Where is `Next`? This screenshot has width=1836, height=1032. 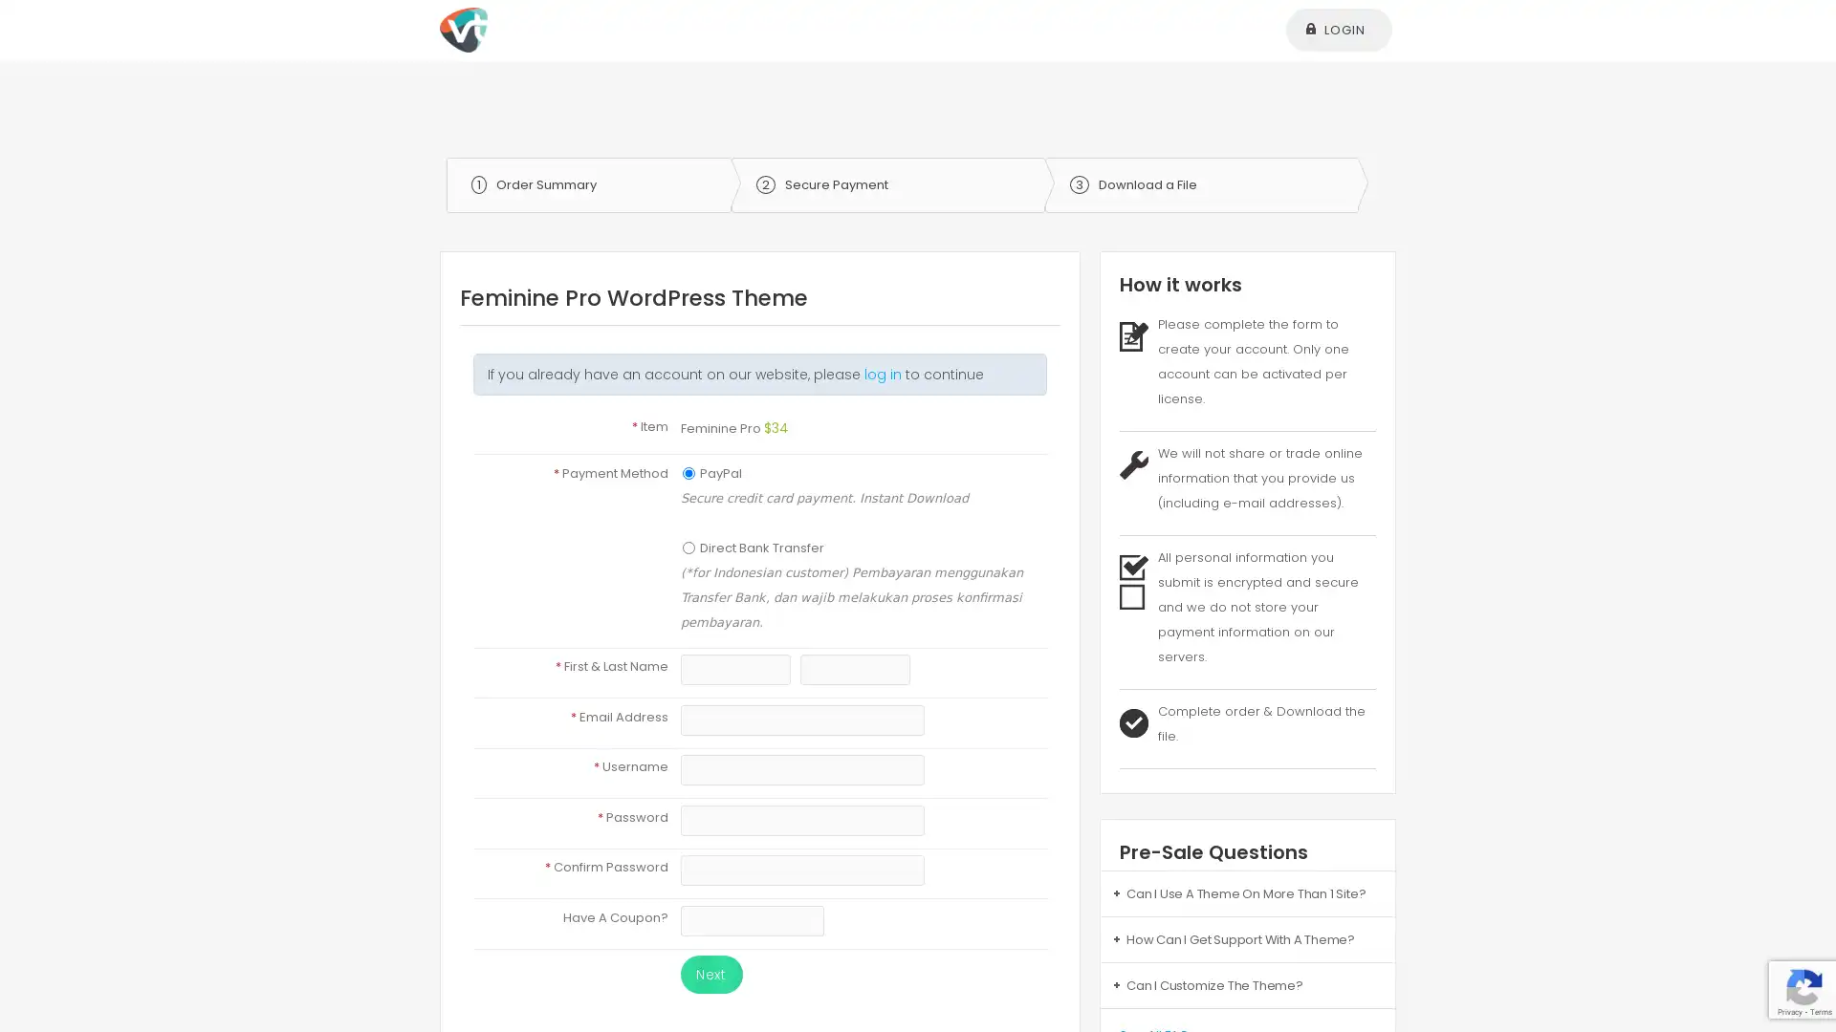 Next is located at coordinates (710, 974).